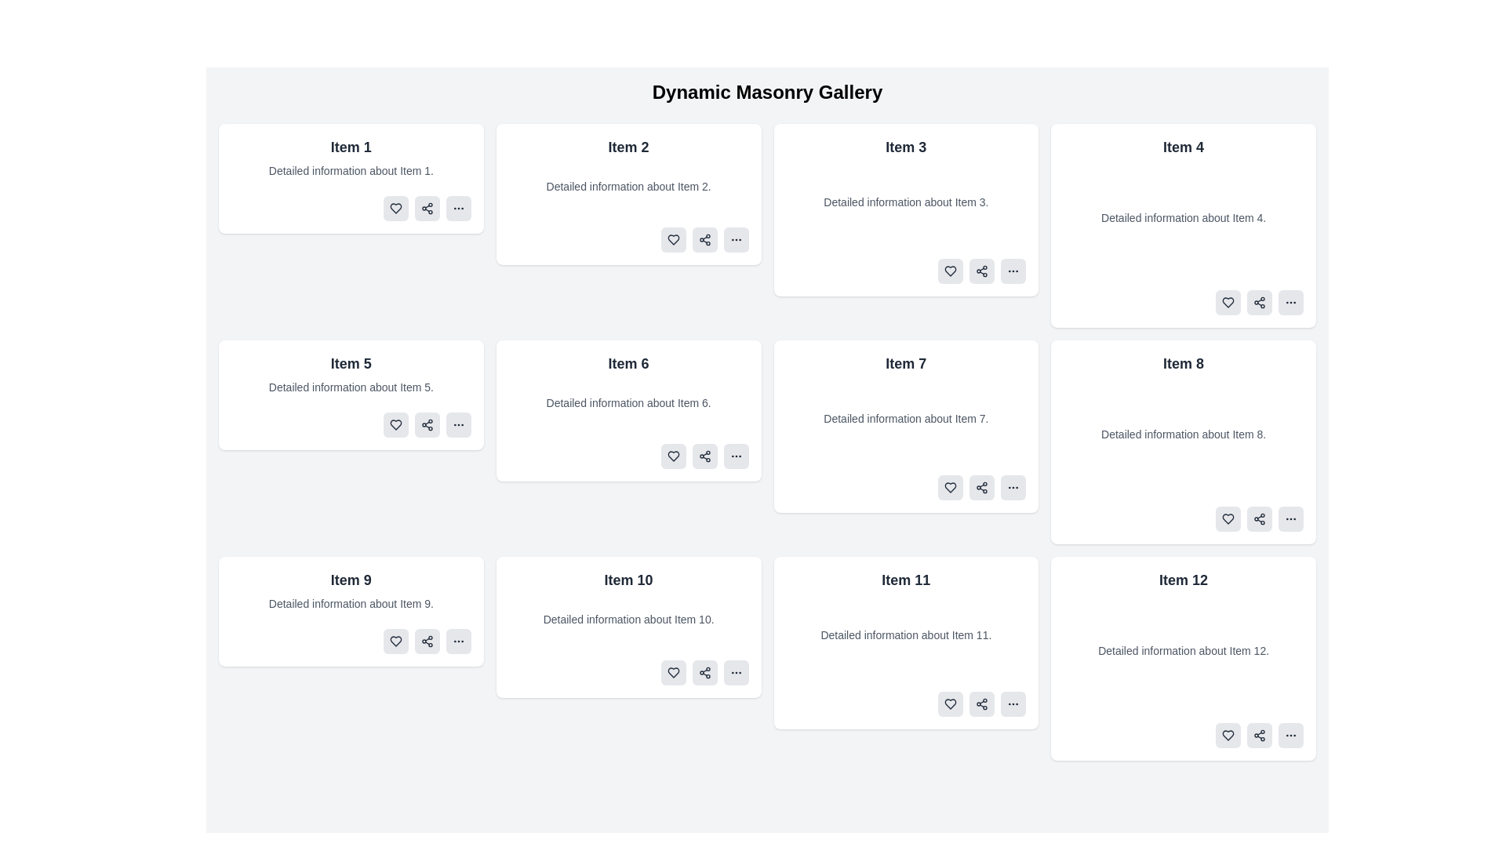 This screenshot has height=847, width=1506. Describe the element at coordinates (350, 603) in the screenshot. I see `the text element that provides additional information about 'Item 9', located directly below its title within the card` at that location.